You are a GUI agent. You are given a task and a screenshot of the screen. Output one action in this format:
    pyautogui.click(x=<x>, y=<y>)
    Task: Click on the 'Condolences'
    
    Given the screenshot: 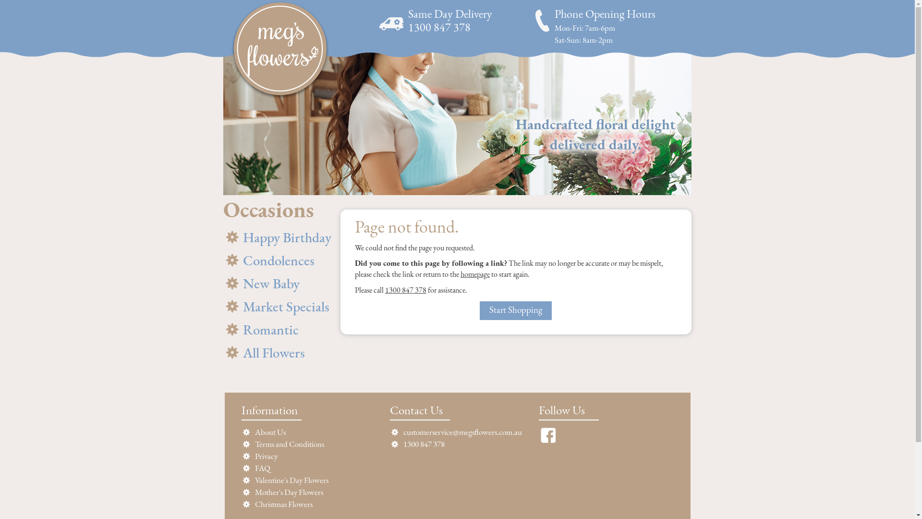 What is the action you would take?
    pyautogui.click(x=278, y=260)
    